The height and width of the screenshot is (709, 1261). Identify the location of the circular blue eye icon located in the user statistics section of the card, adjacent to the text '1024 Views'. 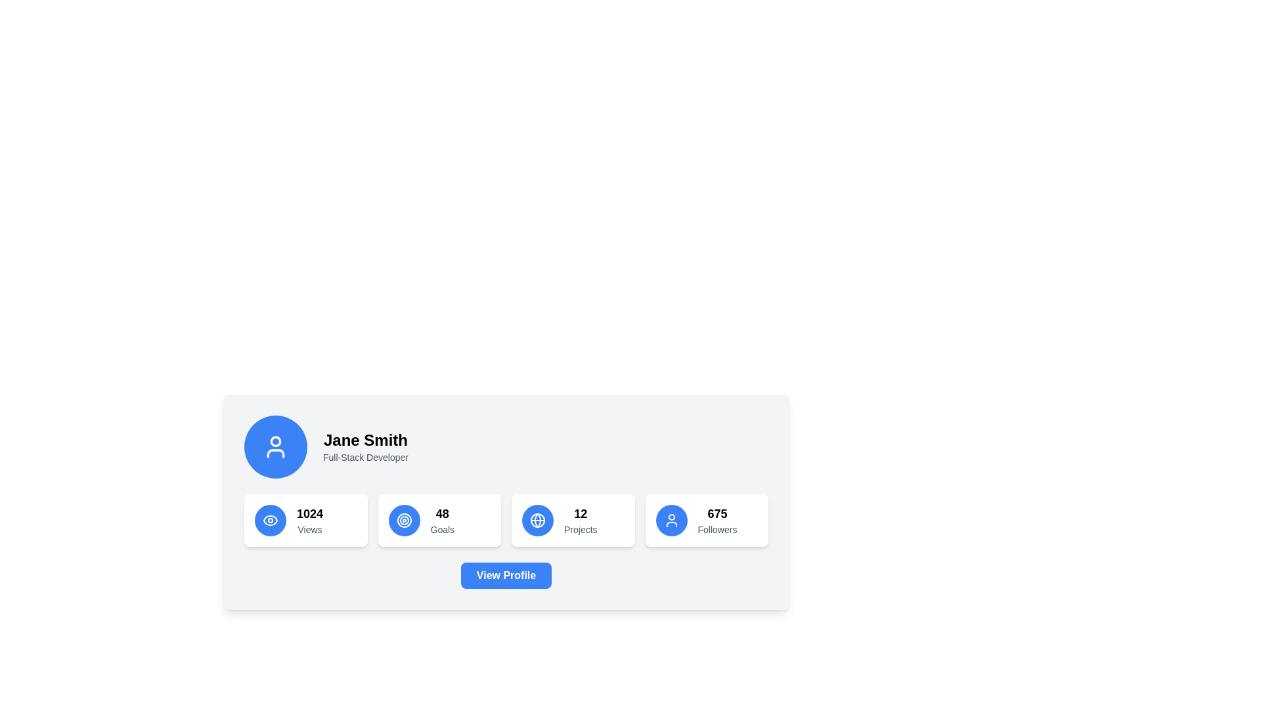
(270, 520).